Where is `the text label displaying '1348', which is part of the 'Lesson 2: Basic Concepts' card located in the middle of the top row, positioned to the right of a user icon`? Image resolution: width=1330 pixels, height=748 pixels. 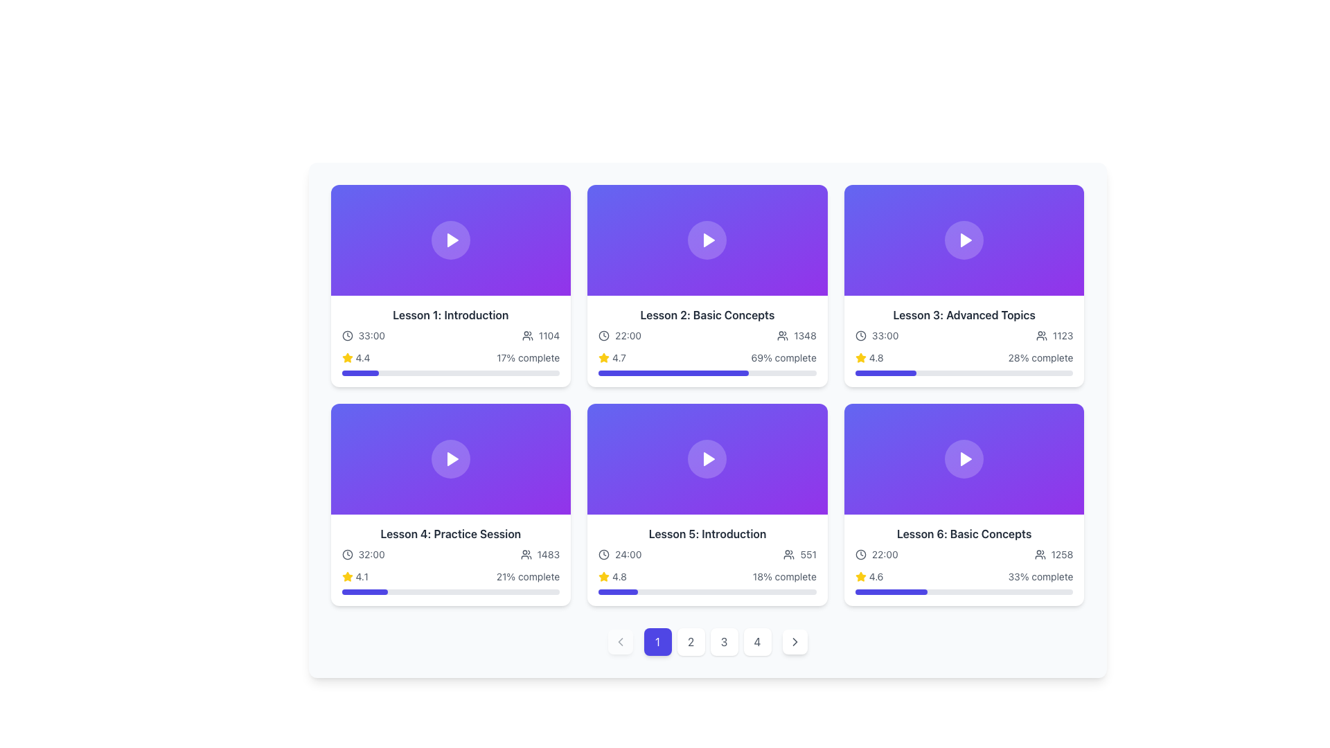 the text label displaying '1348', which is part of the 'Lesson 2: Basic Concepts' card located in the middle of the top row, positioned to the right of a user icon is located at coordinates (805, 336).